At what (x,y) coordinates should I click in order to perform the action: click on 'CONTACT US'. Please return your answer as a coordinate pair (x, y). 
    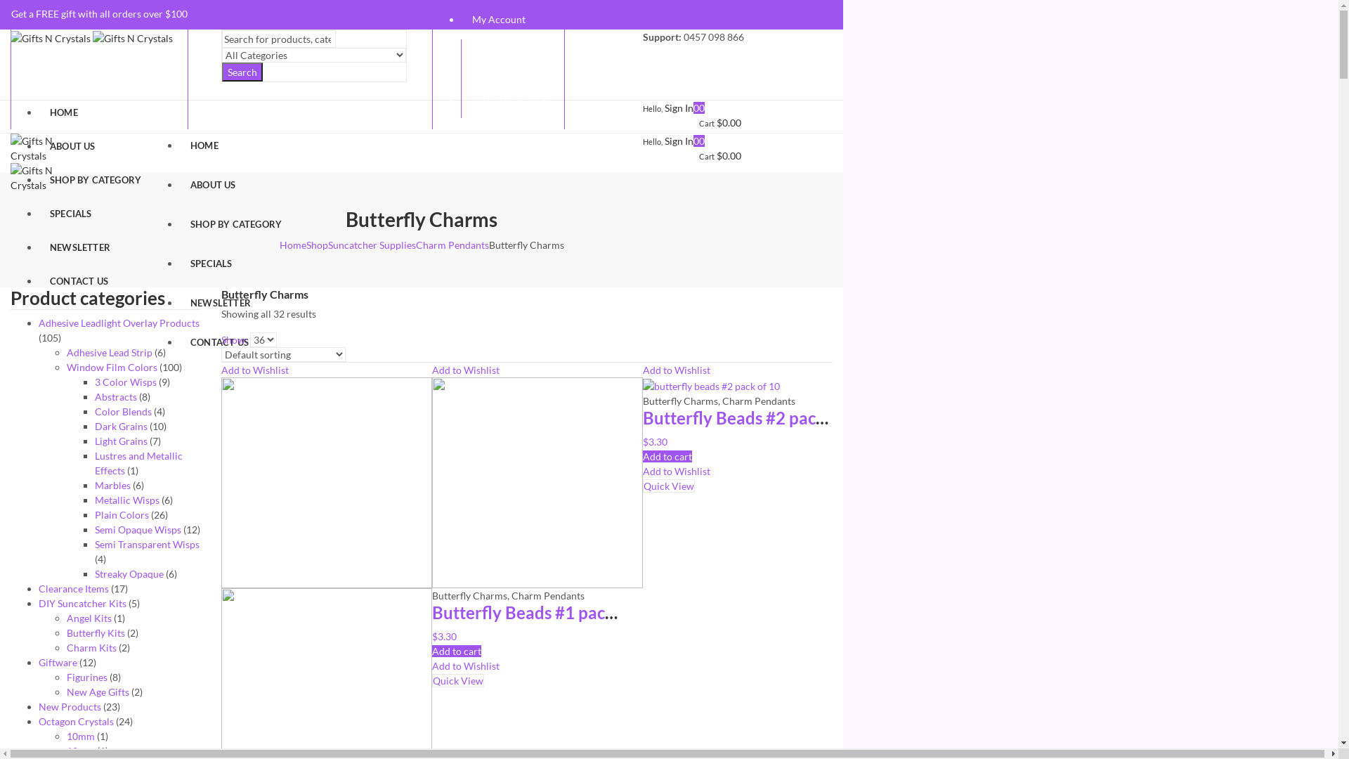
    Looking at the image, I should click on (94, 285).